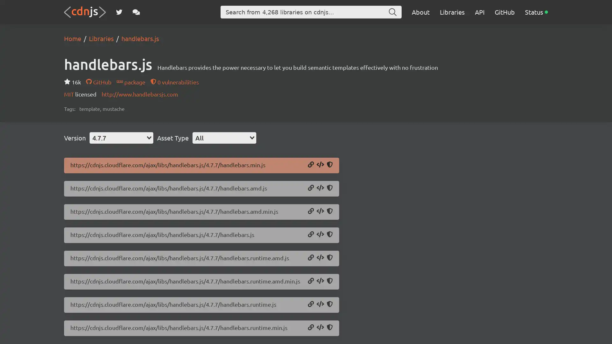  What do you see at coordinates (311, 328) in the screenshot?
I see `Copy URL` at bounding box center [311, 328].